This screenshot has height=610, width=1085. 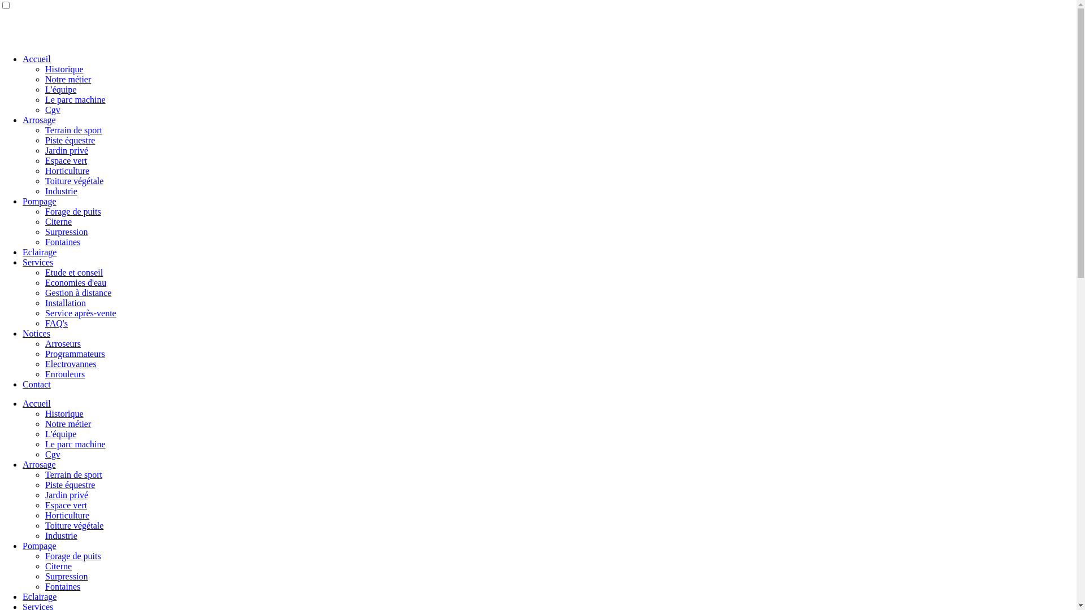 What do you see at coordinates (75, 282) in the screenshot?
I see `'Economies d'eau'` at bounding box center [75, 282].